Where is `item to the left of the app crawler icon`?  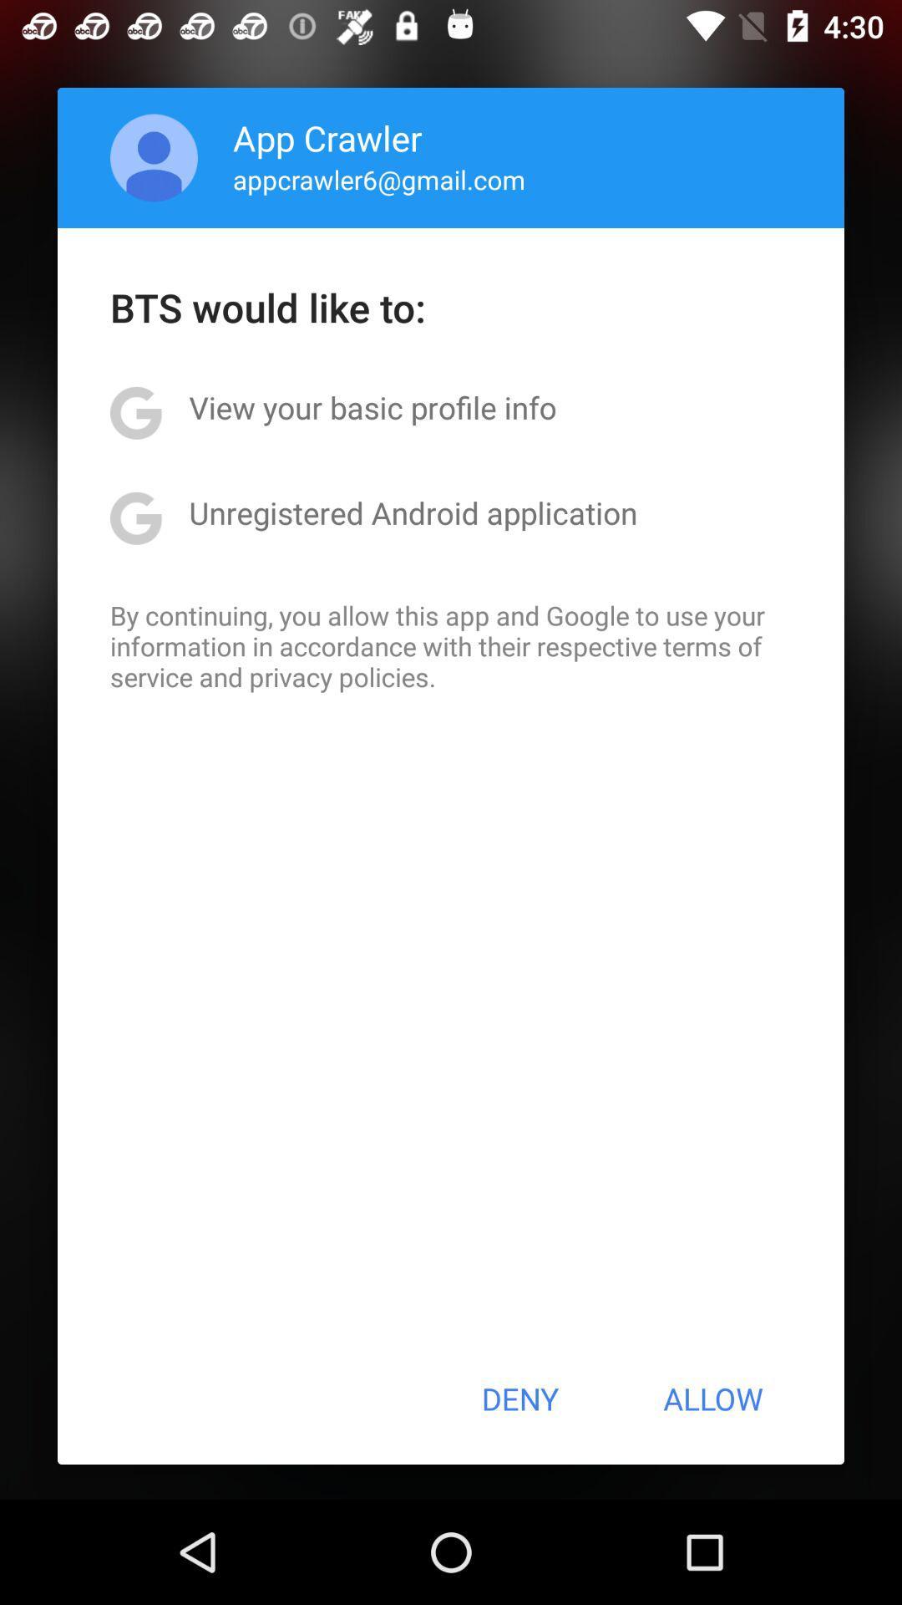 item to the left of the app crawler icon is located at coordinates (154, 157).